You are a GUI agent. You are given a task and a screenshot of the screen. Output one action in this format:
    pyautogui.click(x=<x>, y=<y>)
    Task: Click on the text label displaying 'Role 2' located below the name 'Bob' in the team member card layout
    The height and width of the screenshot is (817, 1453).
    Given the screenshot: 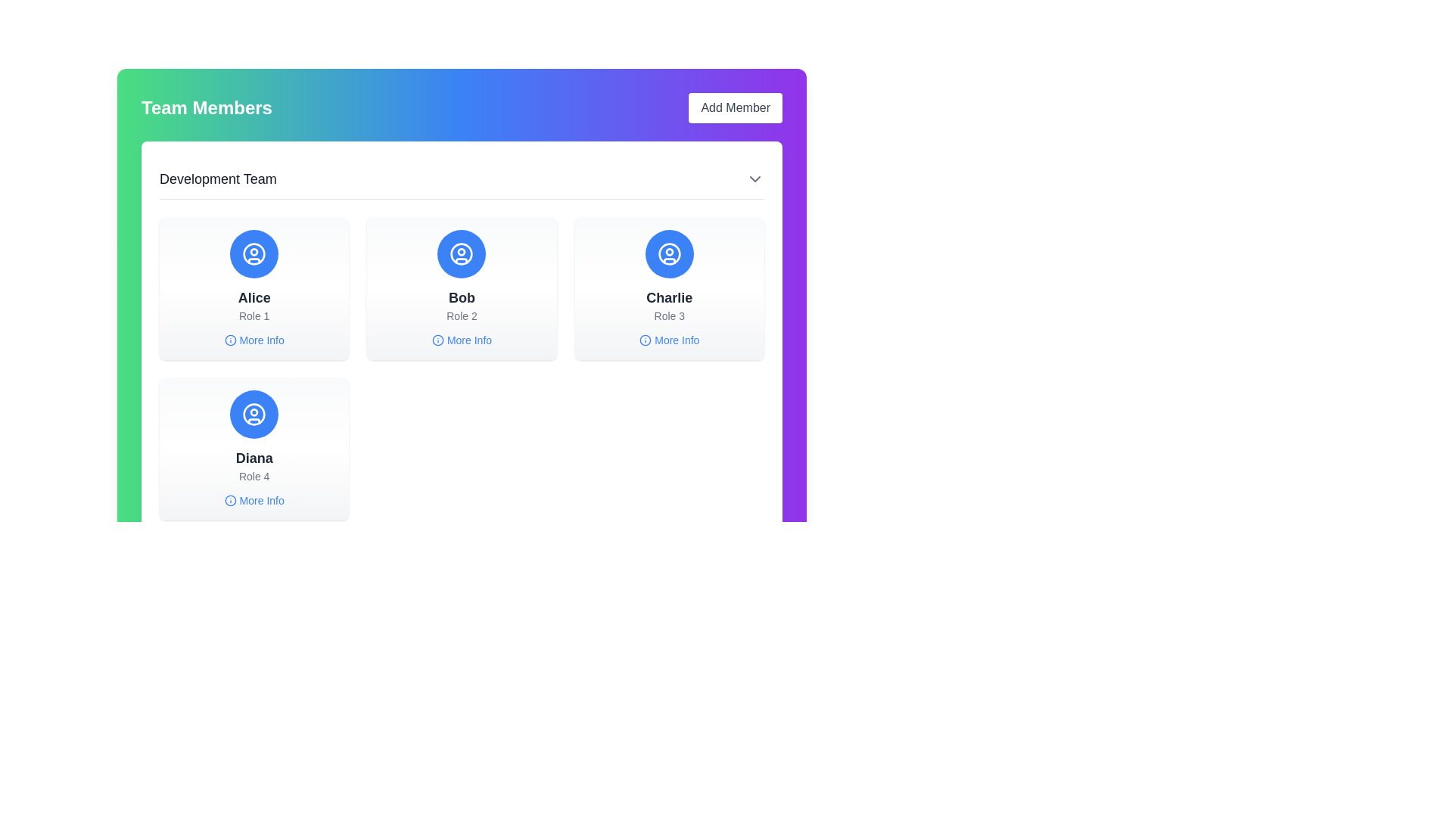 What is the action you would take?
    pyautogui.click(x=461, y=315)
    